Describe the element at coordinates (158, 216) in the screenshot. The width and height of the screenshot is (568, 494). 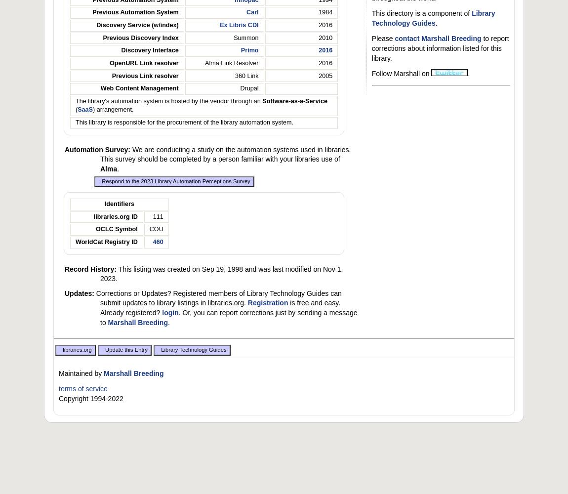
I see `'111'` at that location.